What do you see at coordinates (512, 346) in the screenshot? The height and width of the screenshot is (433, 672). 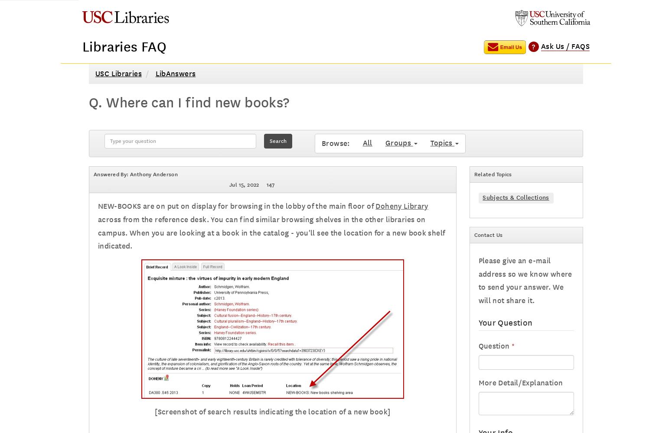 I see `'*'` at bounding box center [512, 346].